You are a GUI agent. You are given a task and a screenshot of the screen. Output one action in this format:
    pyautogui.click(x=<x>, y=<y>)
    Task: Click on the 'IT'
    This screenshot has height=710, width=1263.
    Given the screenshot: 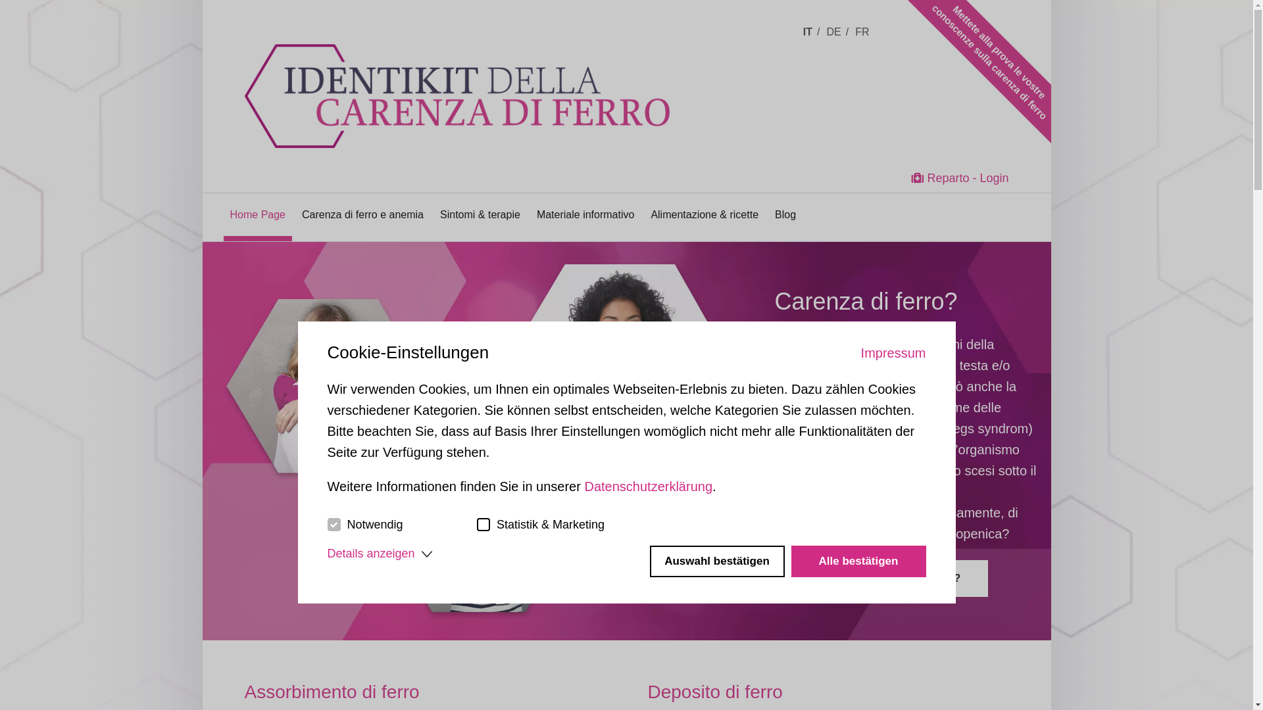 What is the action you would take?
    pyautogui.click(x=802, y=31)
    